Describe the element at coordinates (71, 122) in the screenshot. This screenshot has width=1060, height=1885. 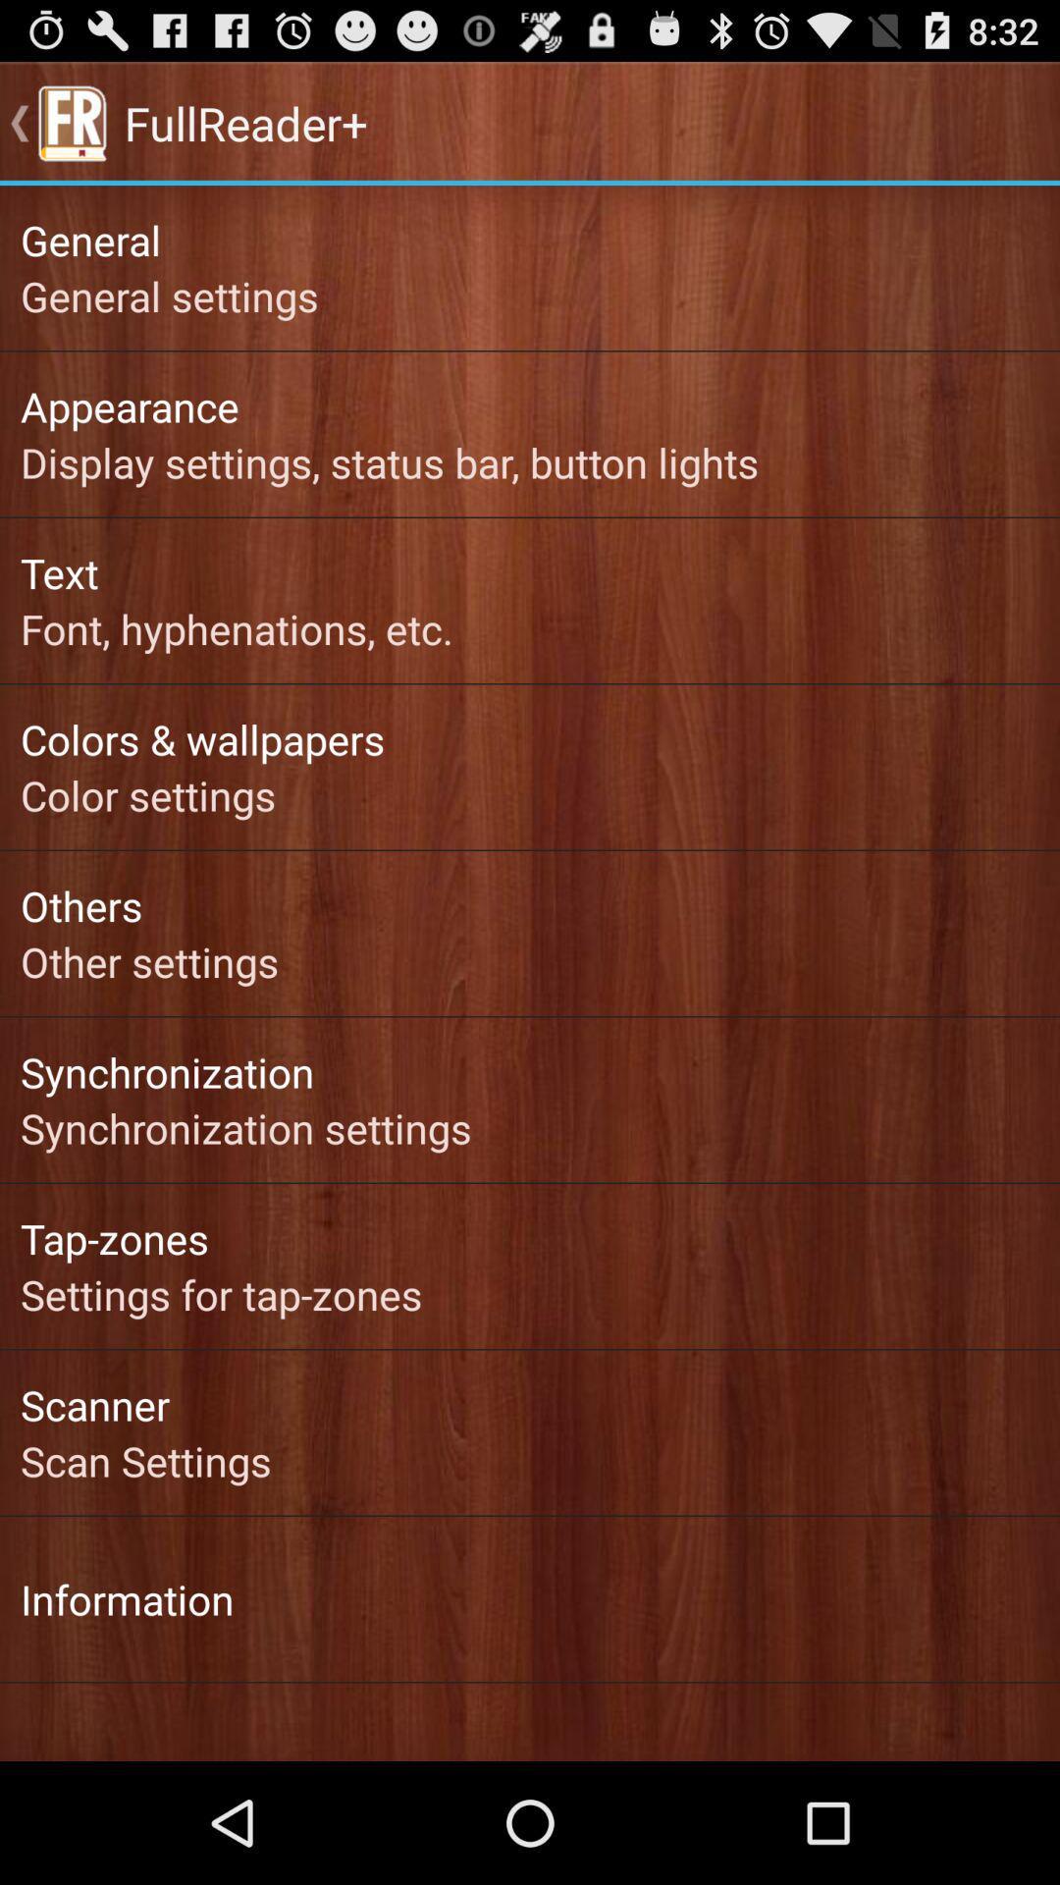
I see `logo at top left` at that location.